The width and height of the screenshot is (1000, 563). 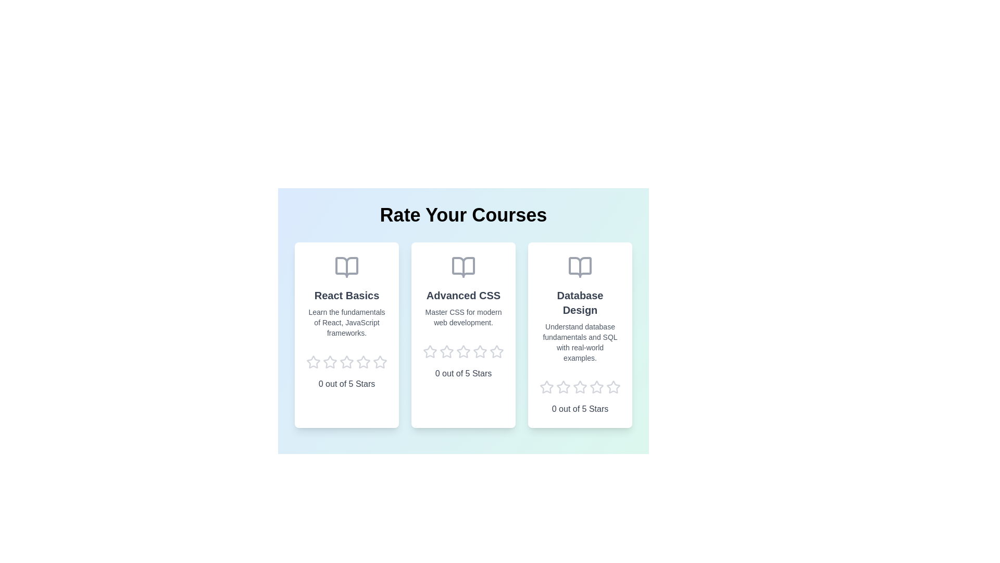 I want to click on the course titles to visually distinguish them, so click(x=347, y=296).